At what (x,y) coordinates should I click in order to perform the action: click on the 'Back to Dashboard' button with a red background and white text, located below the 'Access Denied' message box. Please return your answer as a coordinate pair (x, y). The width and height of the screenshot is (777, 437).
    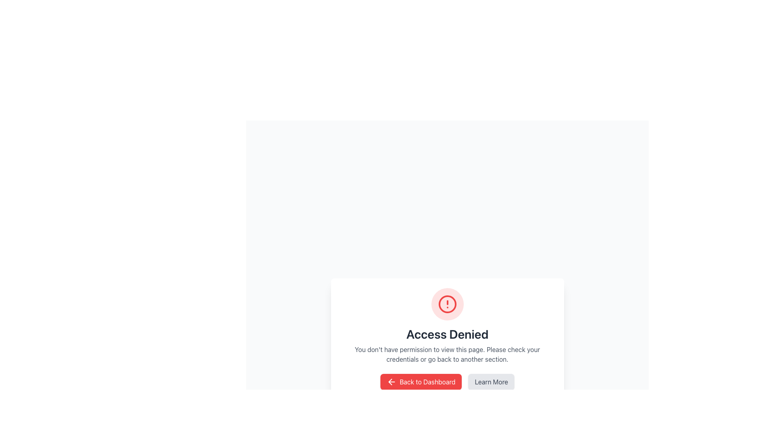
    Looking at the image, I should click on (421, 382).